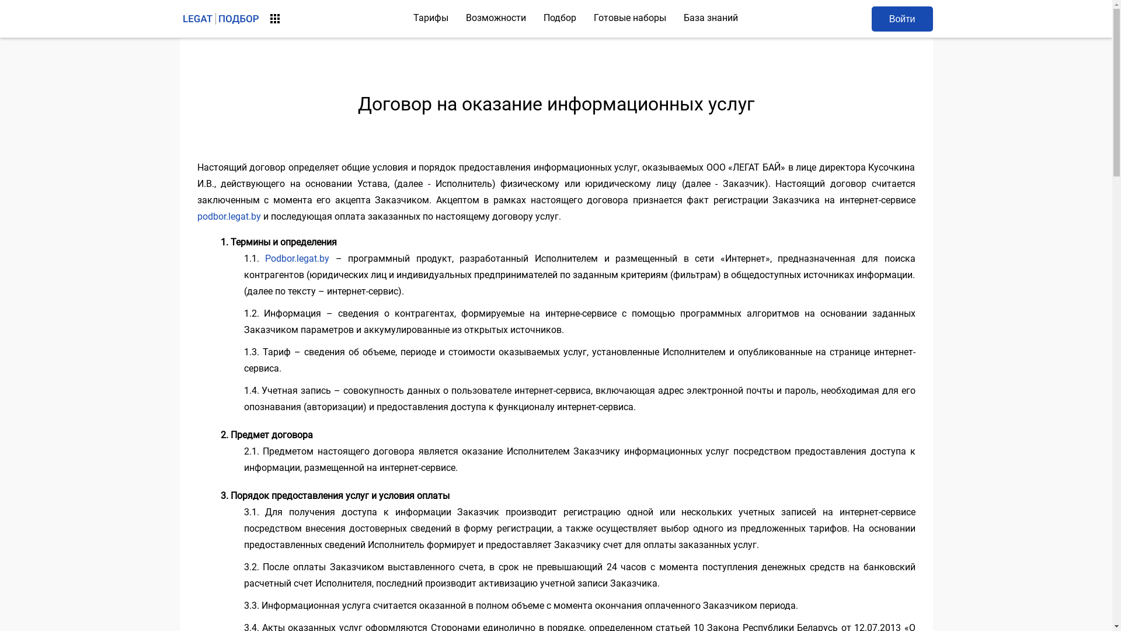 Image resolution: width=1121 pixels, height=631 pixels. I want to click on 'podbor.legat.by', so click(229, 216).